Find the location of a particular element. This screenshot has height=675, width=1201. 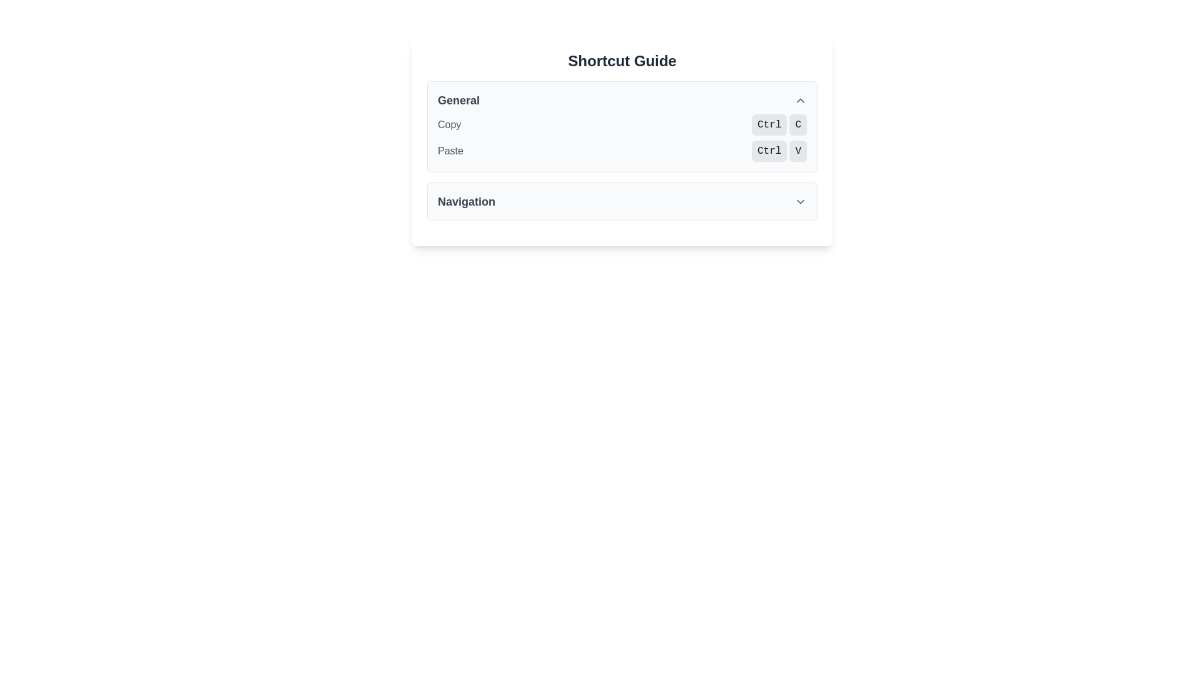

the 'Ctrl' and 'C' buttons displayed in a rounded rectangle with a light gray background in the 'Shortcut Guide' panel is located at coordinates (779, 125).